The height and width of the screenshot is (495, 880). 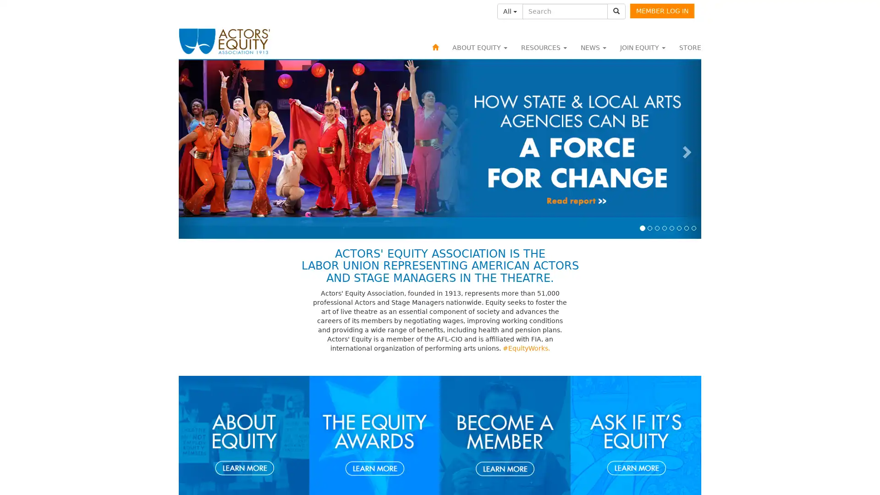 I want to click on All, so click(x=510, y=11).